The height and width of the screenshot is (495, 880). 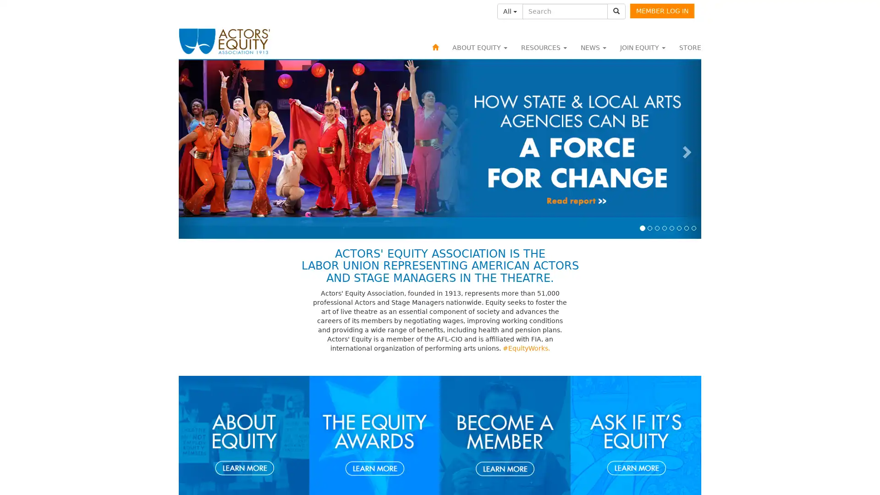 I want to click on All, so click(x=510, y=11).